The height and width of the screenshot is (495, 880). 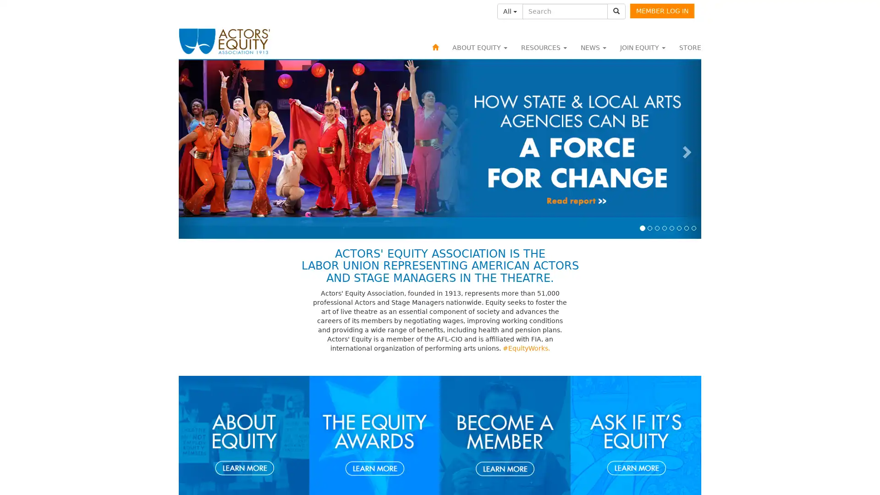 I want to click on All, so click(x=510, y=11).